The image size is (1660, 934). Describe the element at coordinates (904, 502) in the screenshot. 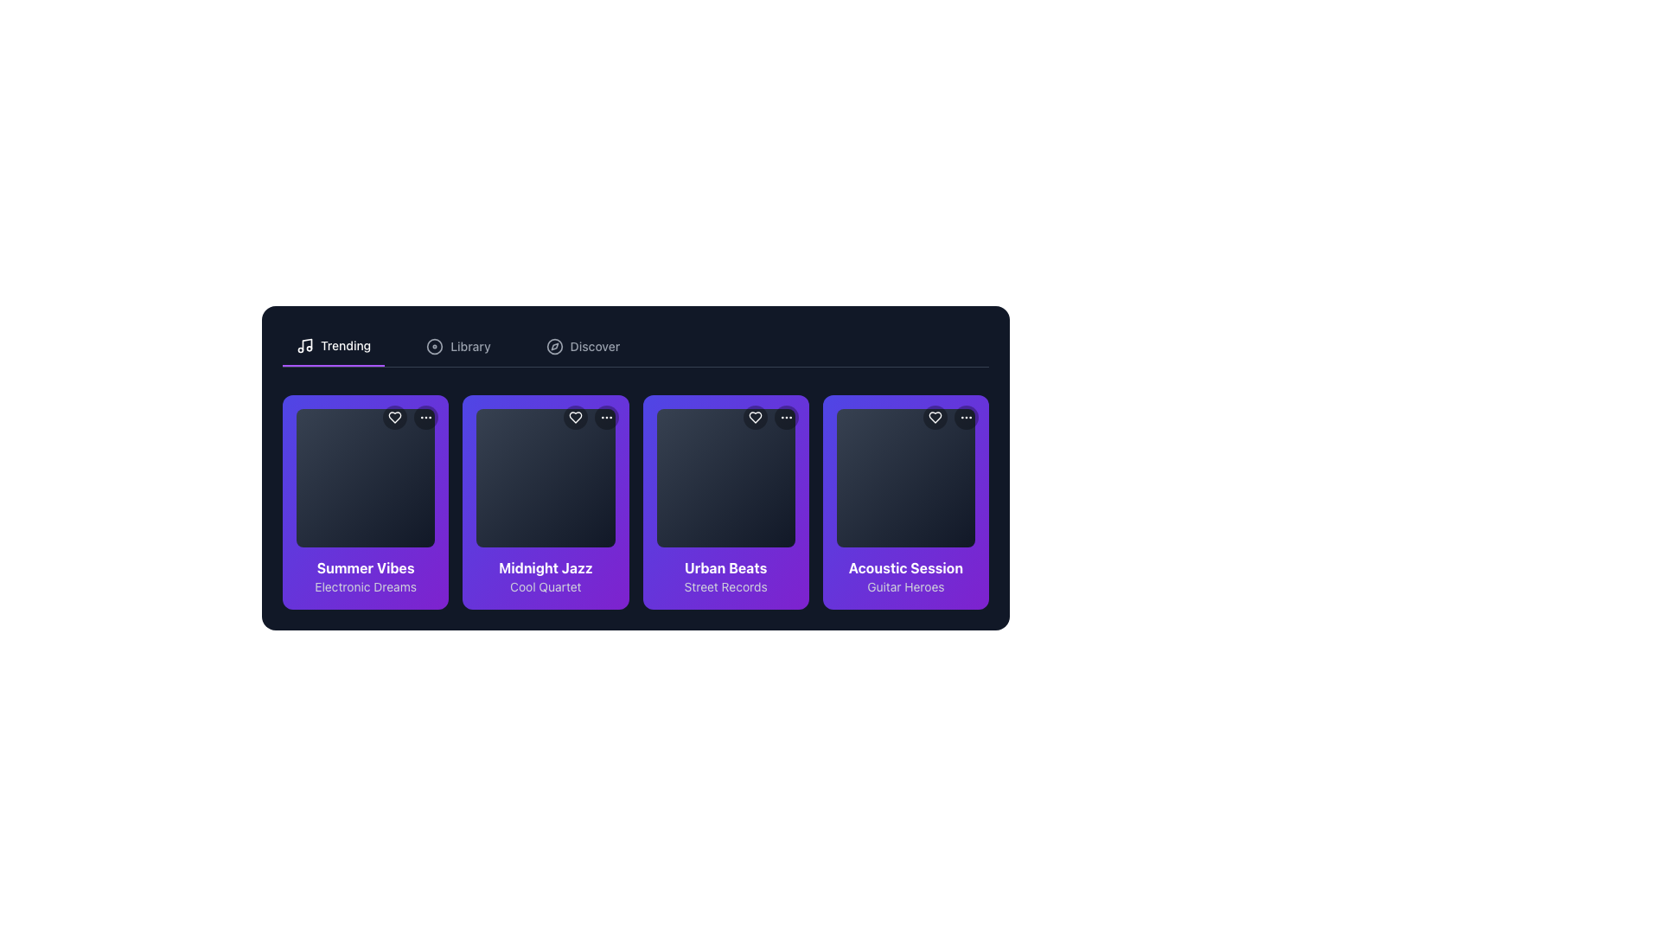

I see `the selectable card for 'Acoustic Session', the fourth item in the grid layout` at that location.